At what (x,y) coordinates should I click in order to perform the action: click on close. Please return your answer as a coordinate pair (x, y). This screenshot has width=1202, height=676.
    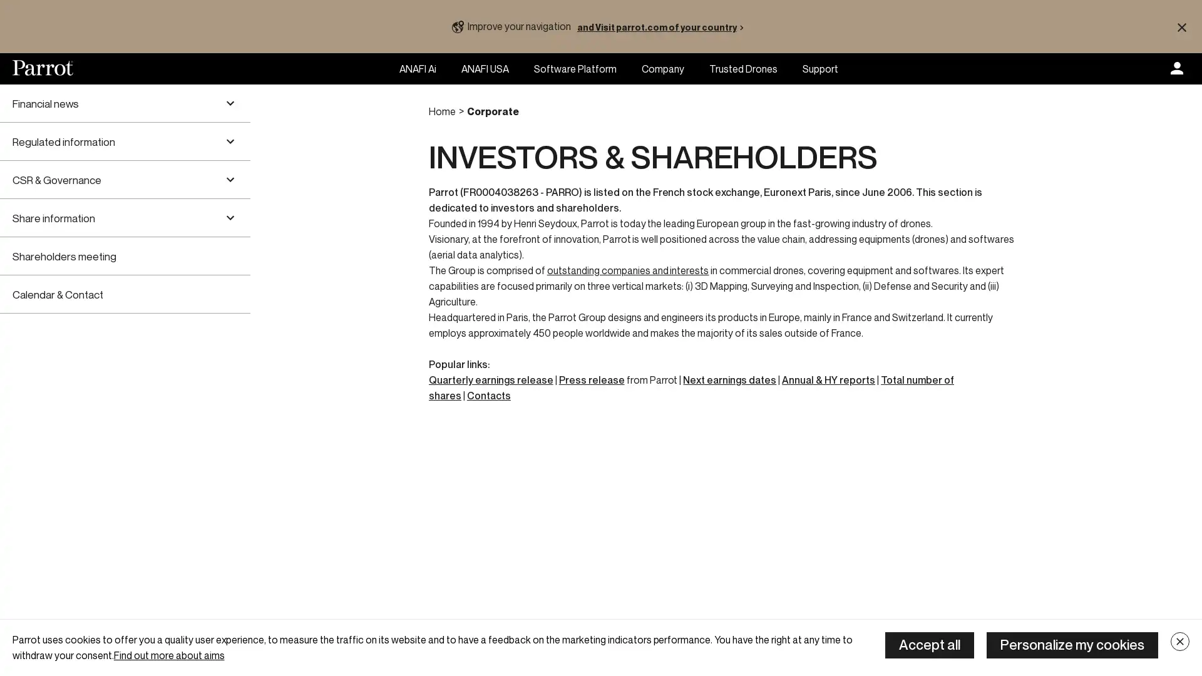
    Looking at the image, I should click on (1179, 642).